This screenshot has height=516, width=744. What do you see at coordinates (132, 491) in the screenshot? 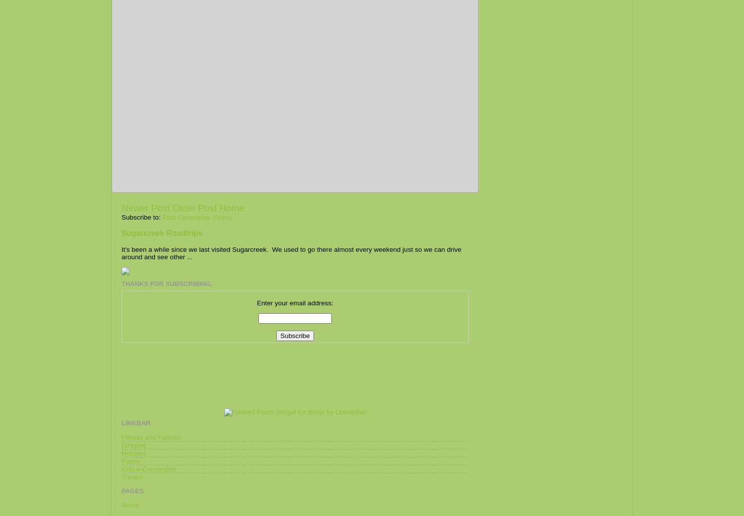
I see `'Pages'` at bounding box center [132, 491].